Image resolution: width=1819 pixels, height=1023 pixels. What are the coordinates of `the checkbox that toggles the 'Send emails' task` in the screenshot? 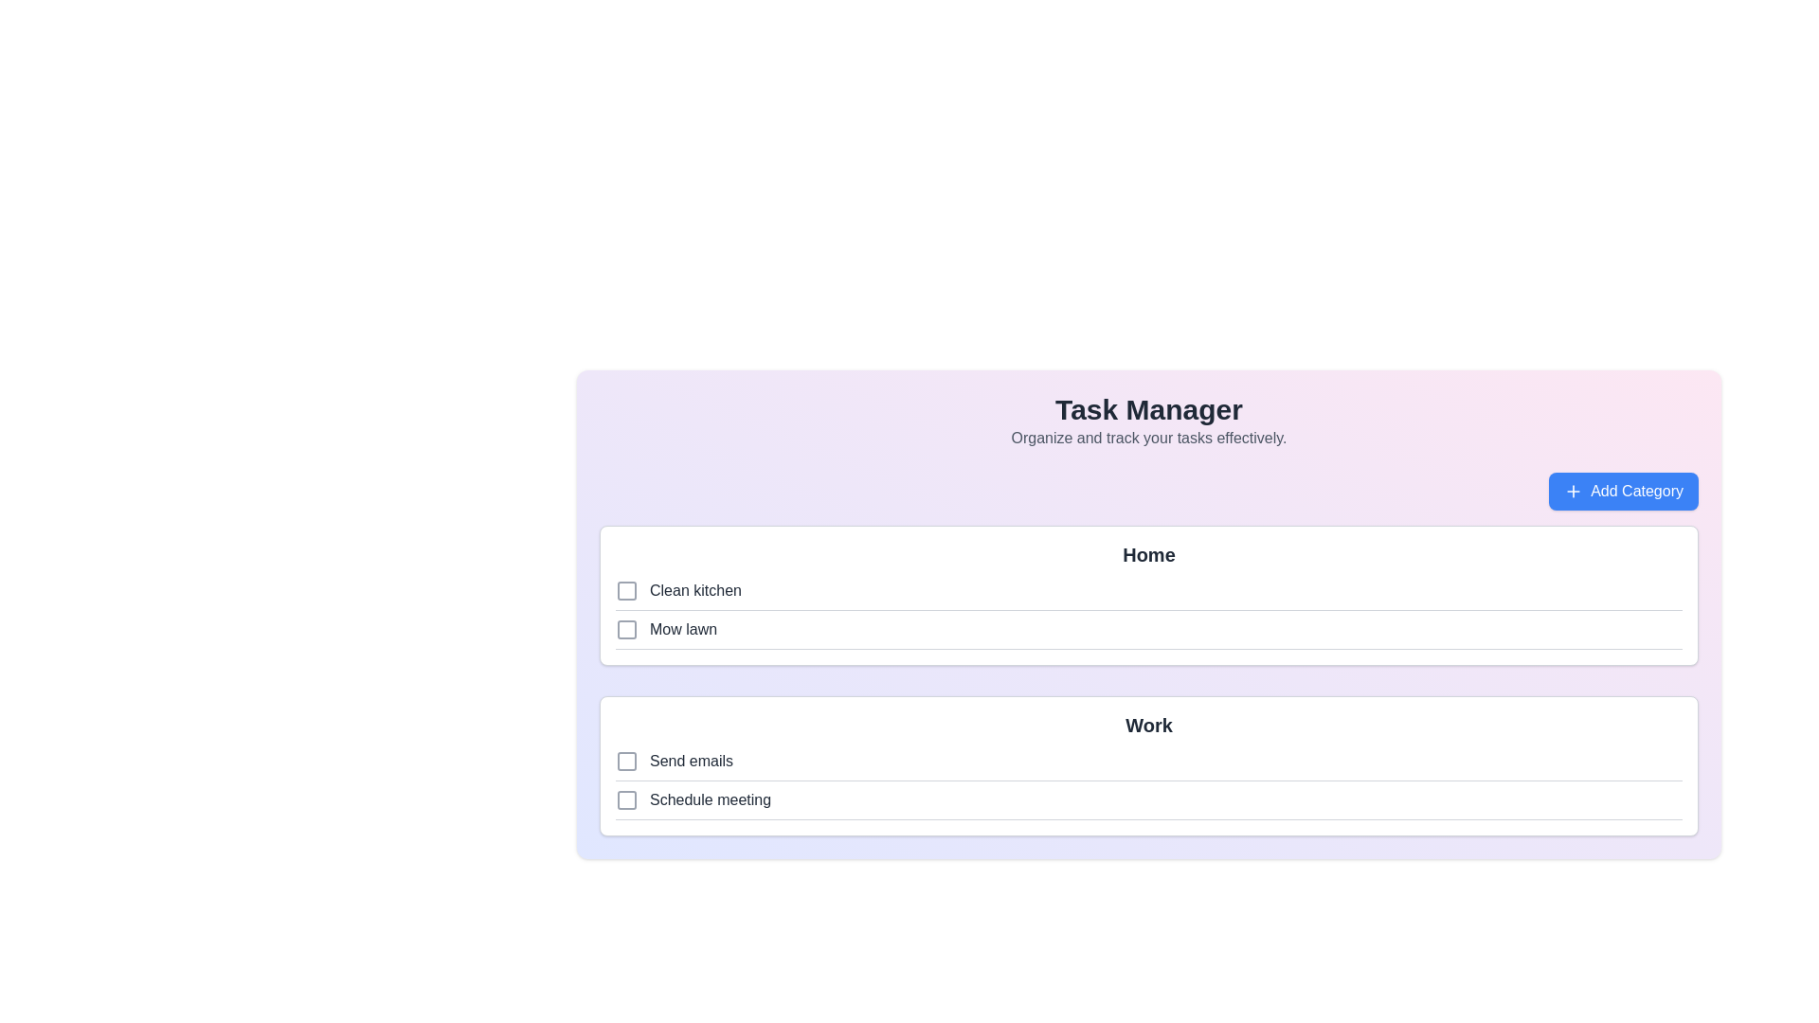 It's located at (627, 760).